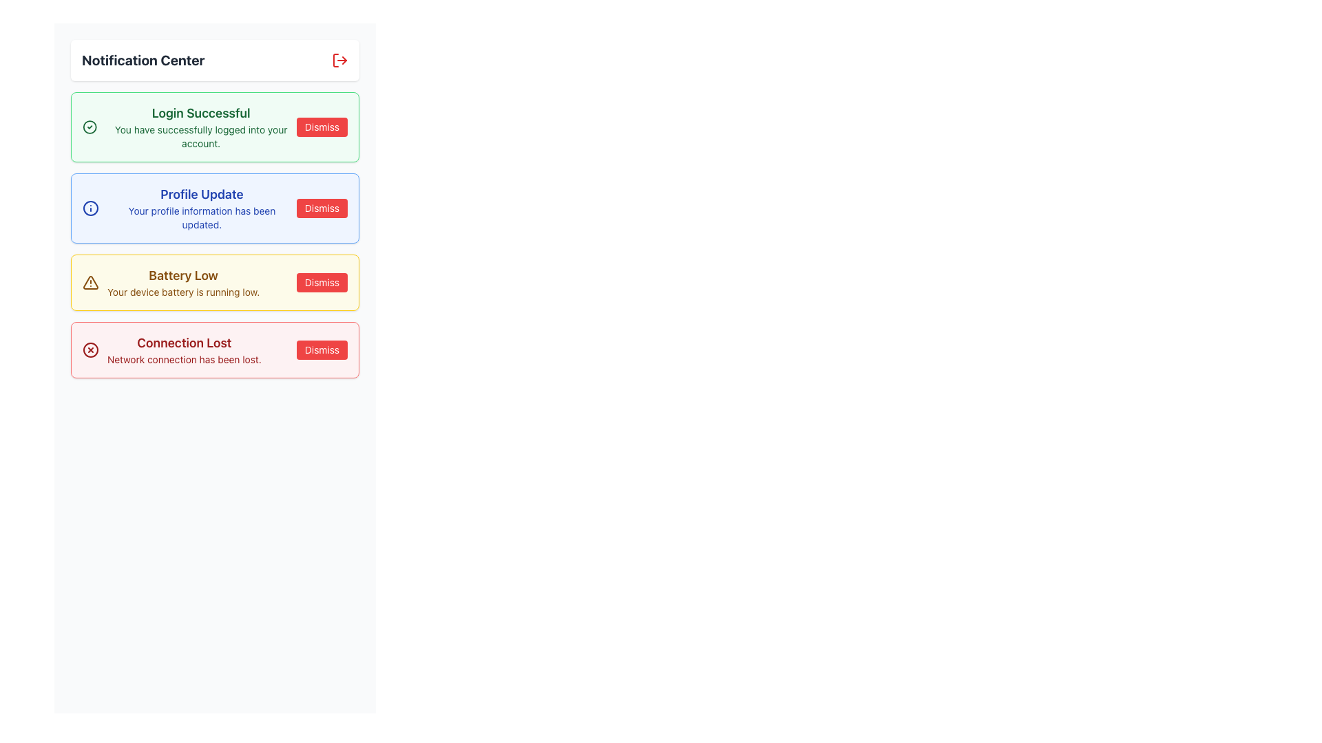  I want to click on the 'Login Successful' heading element, so click(200, 113).